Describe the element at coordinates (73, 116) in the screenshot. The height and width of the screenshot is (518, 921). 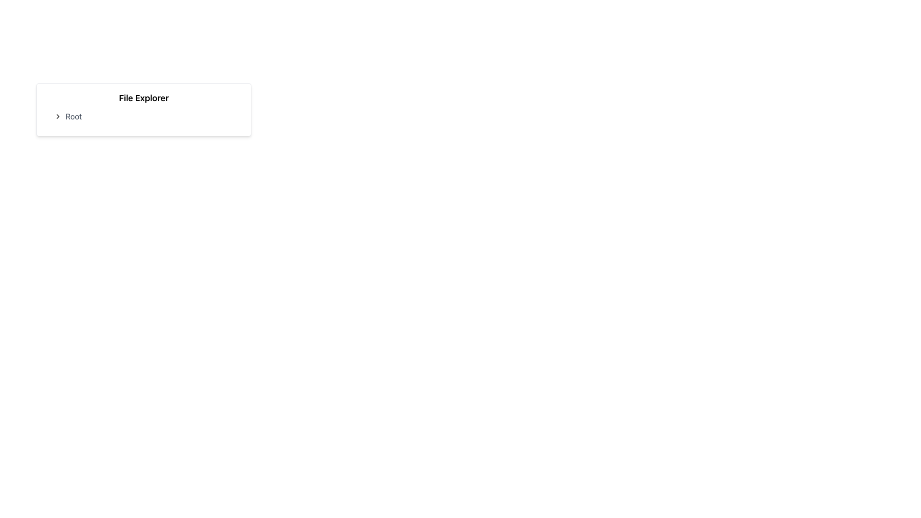
I see `the text label displaying 'Root', which is styled in gray and located within a menu structure, adjacent to a small chevron icon` at that location.